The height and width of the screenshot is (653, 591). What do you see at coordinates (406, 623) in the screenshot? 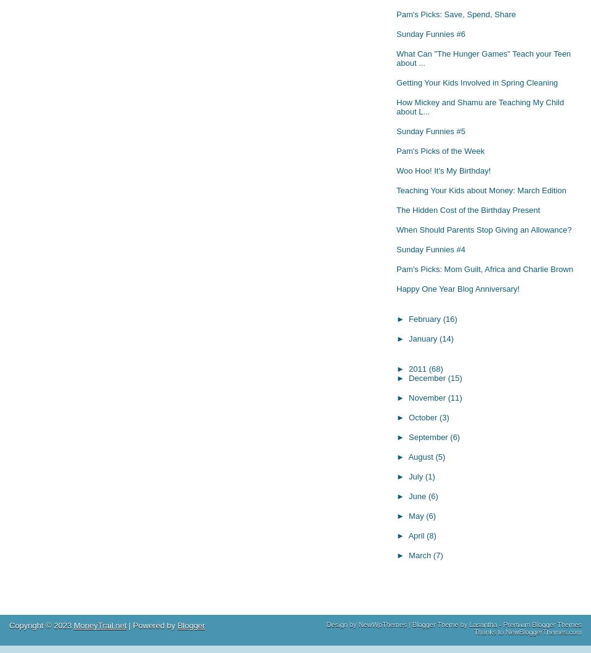
I see `'| Blogger Theme by'` at bounding box center [406, 623].